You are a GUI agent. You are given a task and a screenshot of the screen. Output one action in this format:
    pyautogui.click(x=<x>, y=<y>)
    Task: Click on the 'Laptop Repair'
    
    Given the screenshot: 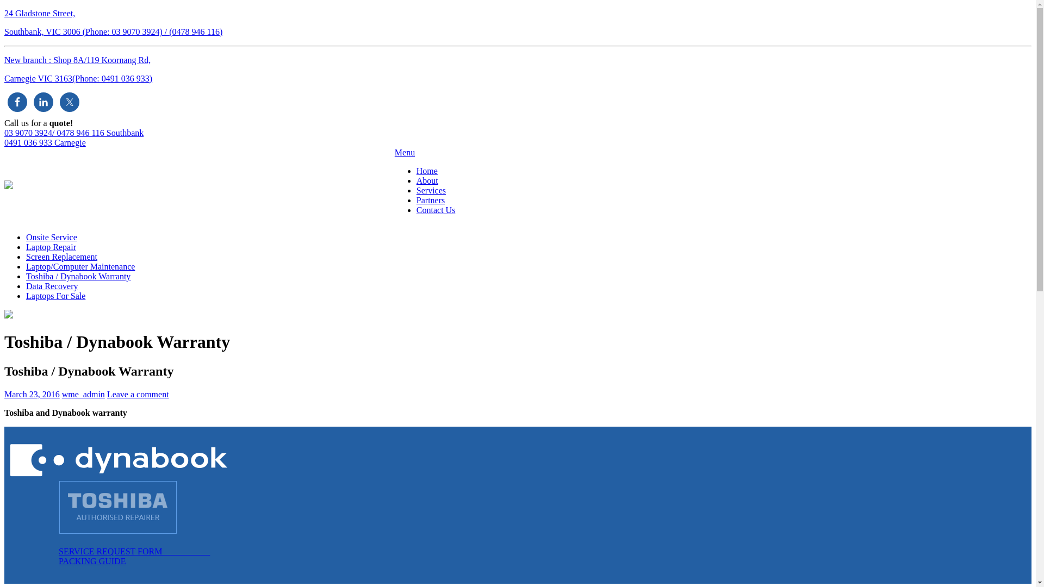 What is the action you would take?
    pyautogui.click(x=51, y=247)
    